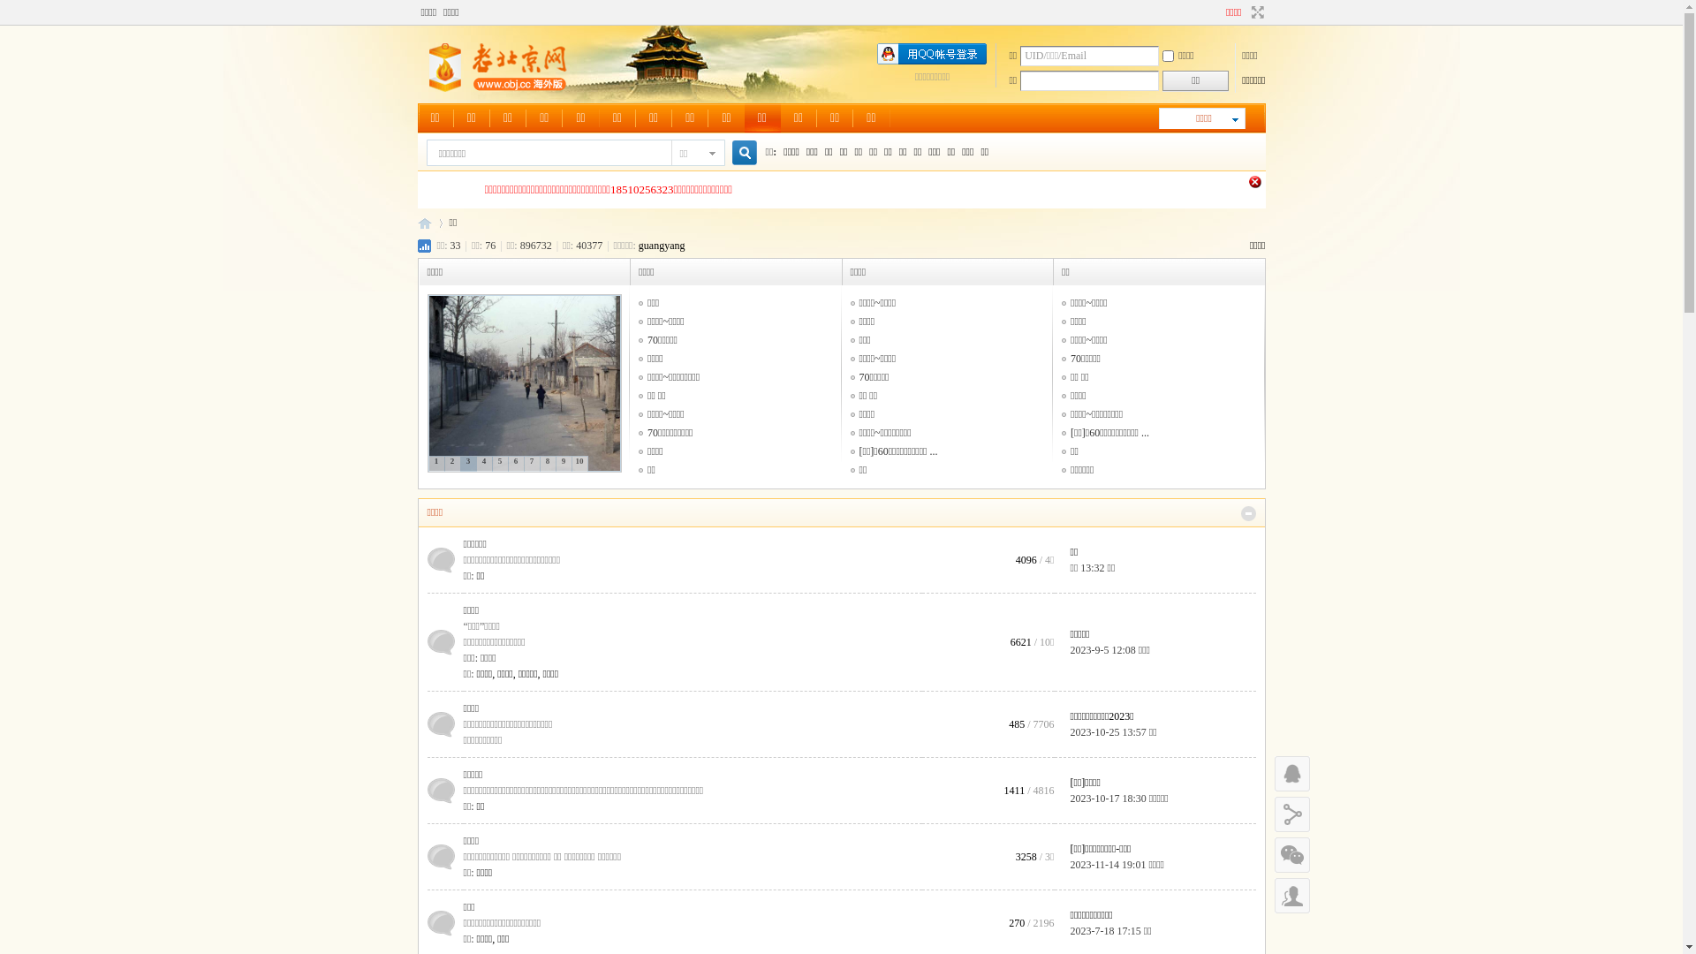  I want to click on 'guangyang', so click(638, 245).